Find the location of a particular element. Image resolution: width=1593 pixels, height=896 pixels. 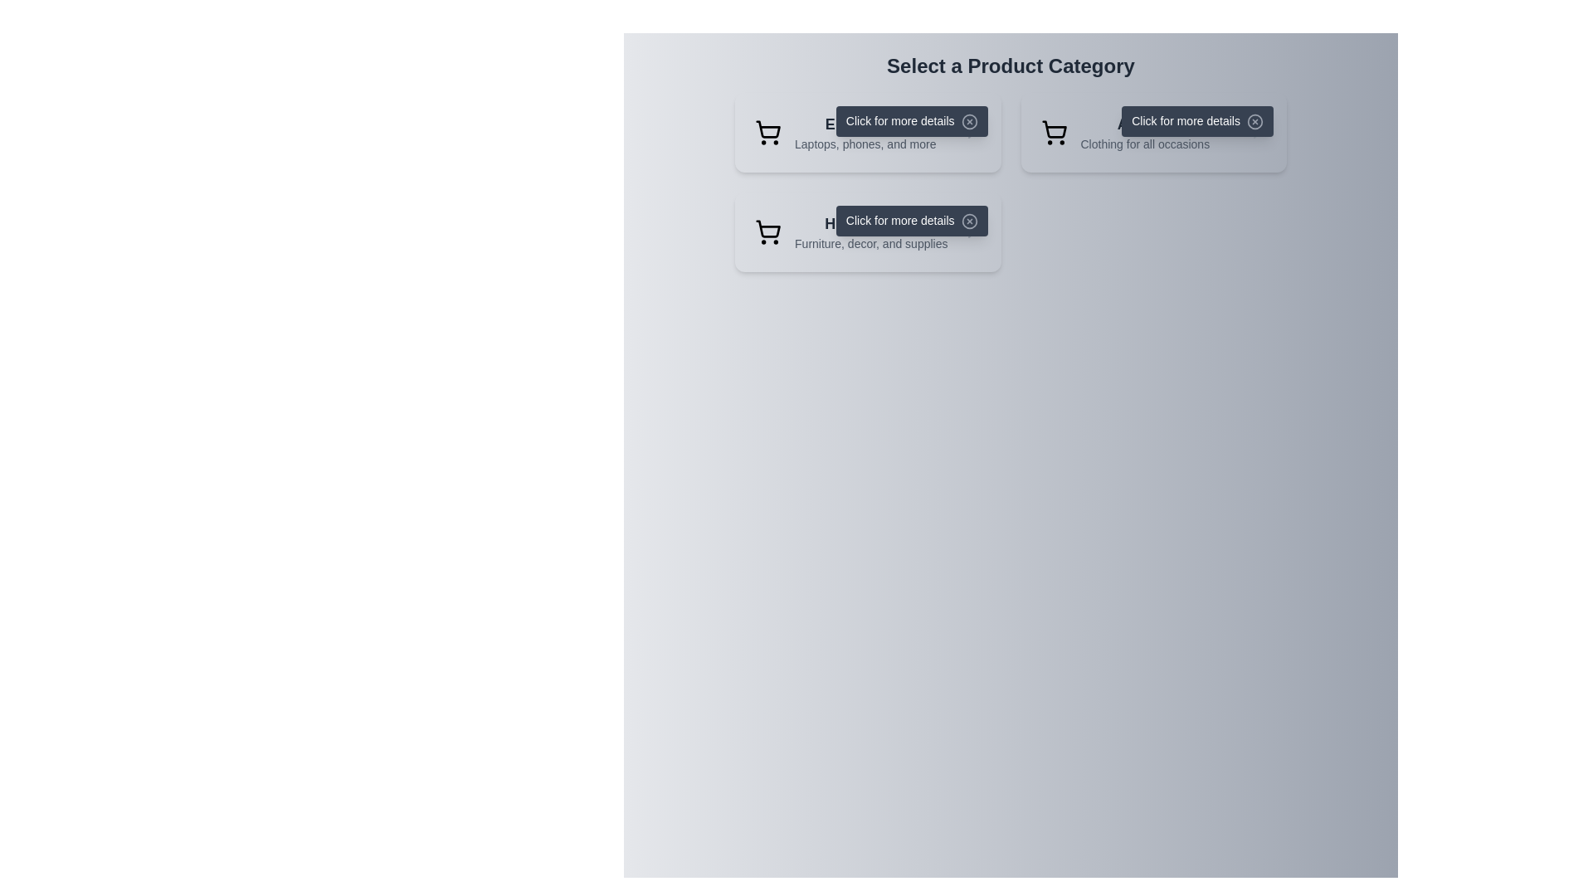

the descriptive subtitle for the 'Electronics' category, which provides further details about the contents of this category is located at coordinates (865, 143).